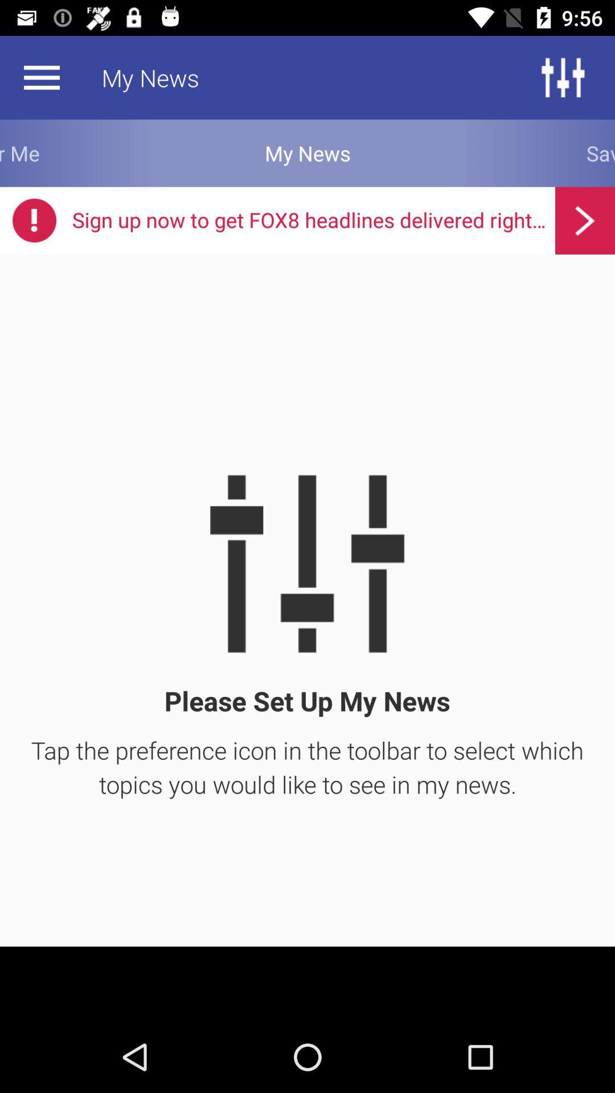 The width and height of the screenshot is (615, 1093). What do you see at coordinates (562, 77) in the screenshot?
I see `the sliders icon` at bounding box center [562, 77].